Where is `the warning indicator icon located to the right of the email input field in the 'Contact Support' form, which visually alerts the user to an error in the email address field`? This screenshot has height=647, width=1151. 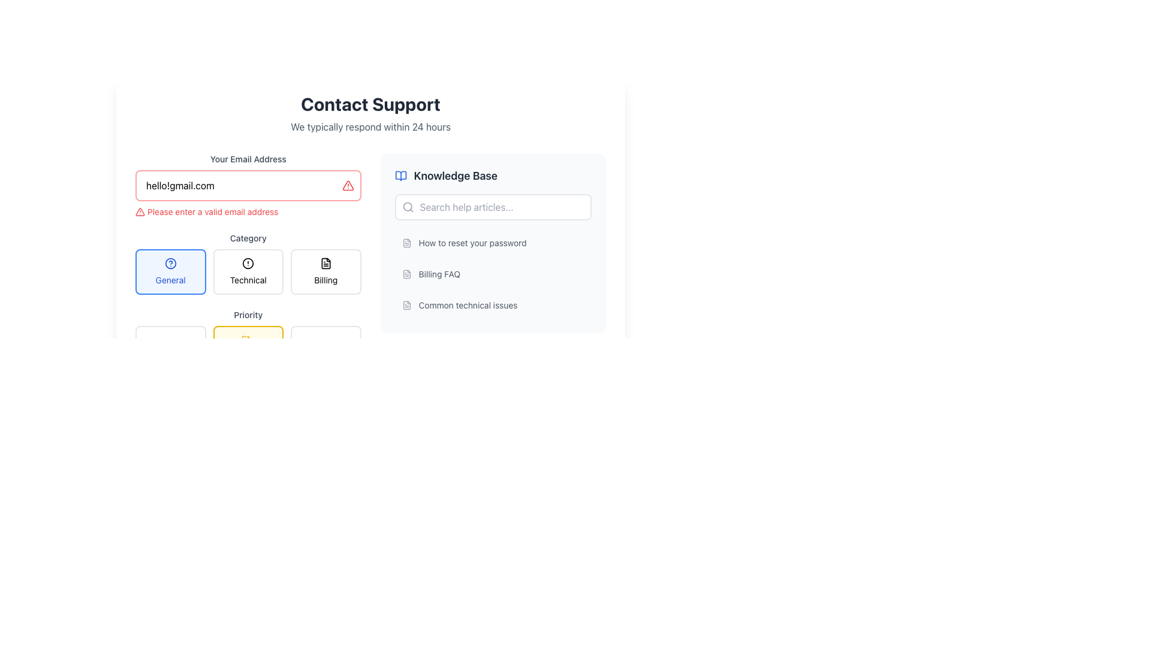 the warning indicator icon located to the right of the email input field in the 'Contact Support' form, which visually alerts the user to an error in the email address field is located at coordinates (347, 185).